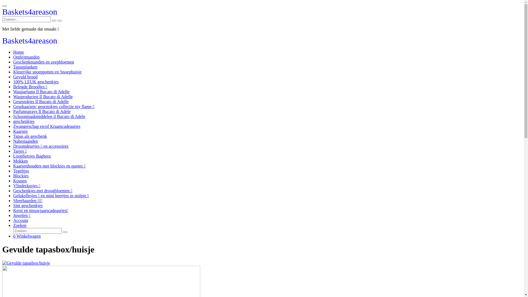  I want to click on '100% LEUK geschenkjes', so click(13, 82).